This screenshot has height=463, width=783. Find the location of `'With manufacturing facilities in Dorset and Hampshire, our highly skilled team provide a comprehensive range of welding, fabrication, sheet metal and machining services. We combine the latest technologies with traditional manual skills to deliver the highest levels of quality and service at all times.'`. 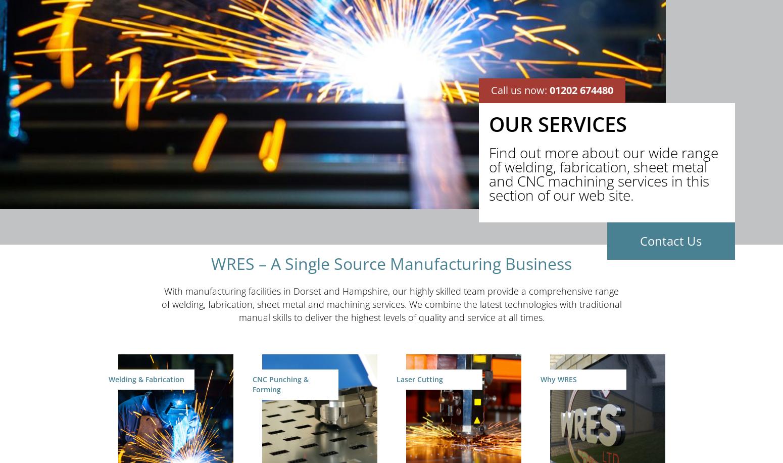

'With manufacturing facilities in Dorset and Hampshire, our highly skilled team provide a comprehensive range of welding, fabrication, sheet metal and machining services. We combine the latest technologies with traditional manual skills to deliver the highest levels of quality and service at all times.' is located at coordinates (391, 304).